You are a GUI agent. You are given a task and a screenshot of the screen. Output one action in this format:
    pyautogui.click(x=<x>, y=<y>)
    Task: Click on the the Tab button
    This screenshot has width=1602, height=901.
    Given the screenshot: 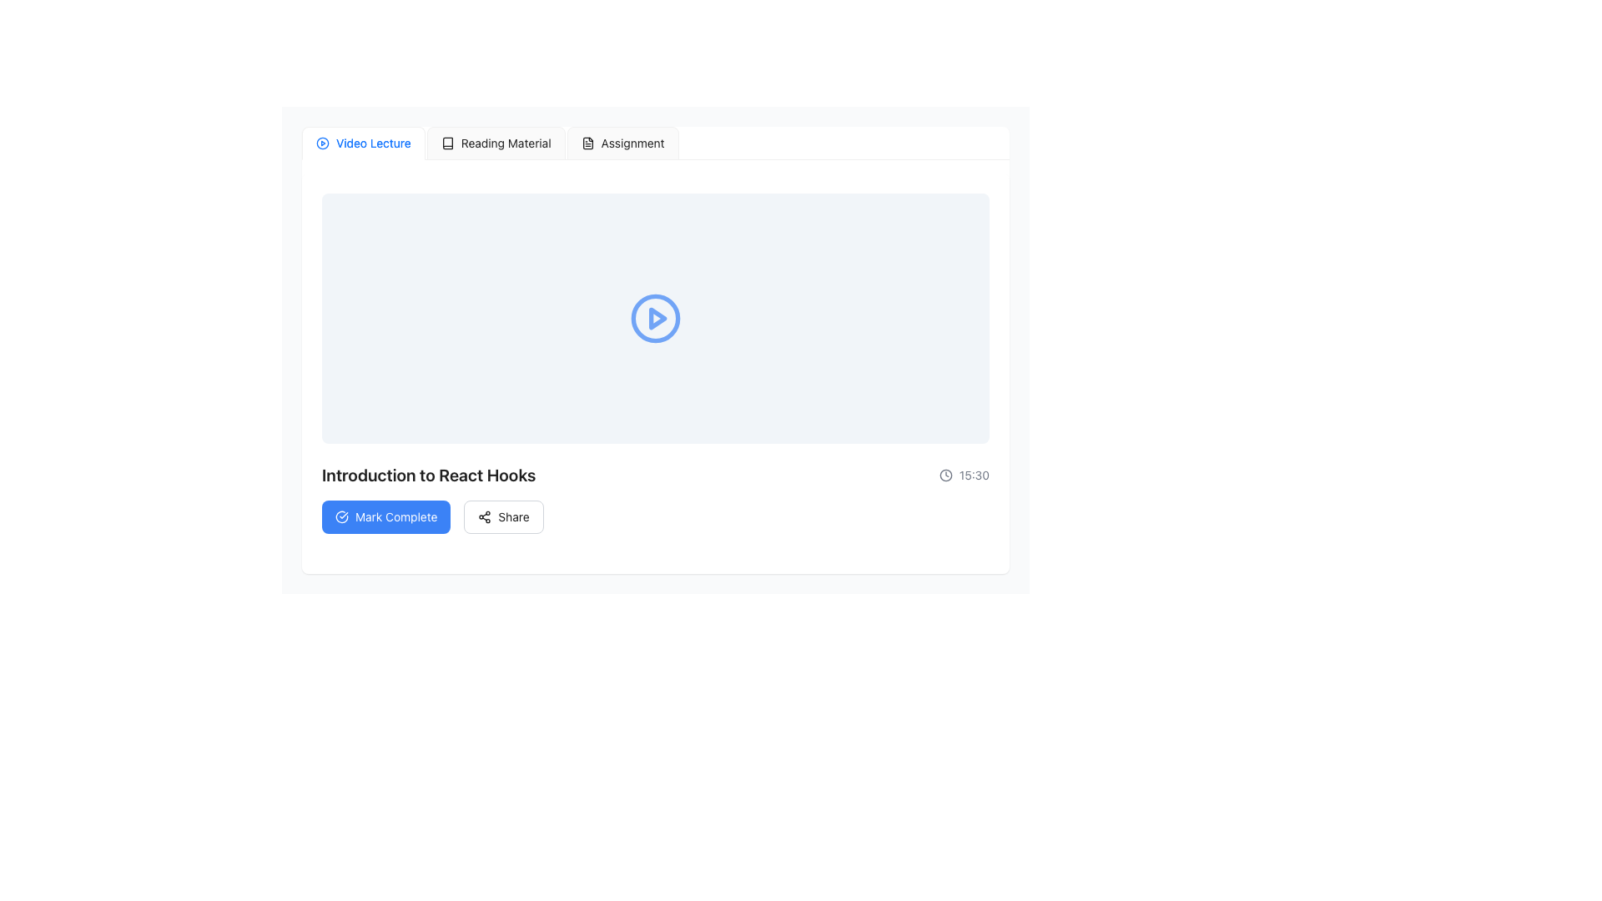 What is the action you would take?
    pyautogui.click(x=622, y=143)
    